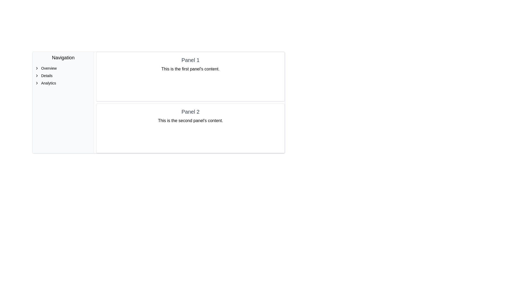  Describe the element at coordinates (63, 68) in the screenshot. I see `the 'Overview' button in the vertical navigation menu` at that location.